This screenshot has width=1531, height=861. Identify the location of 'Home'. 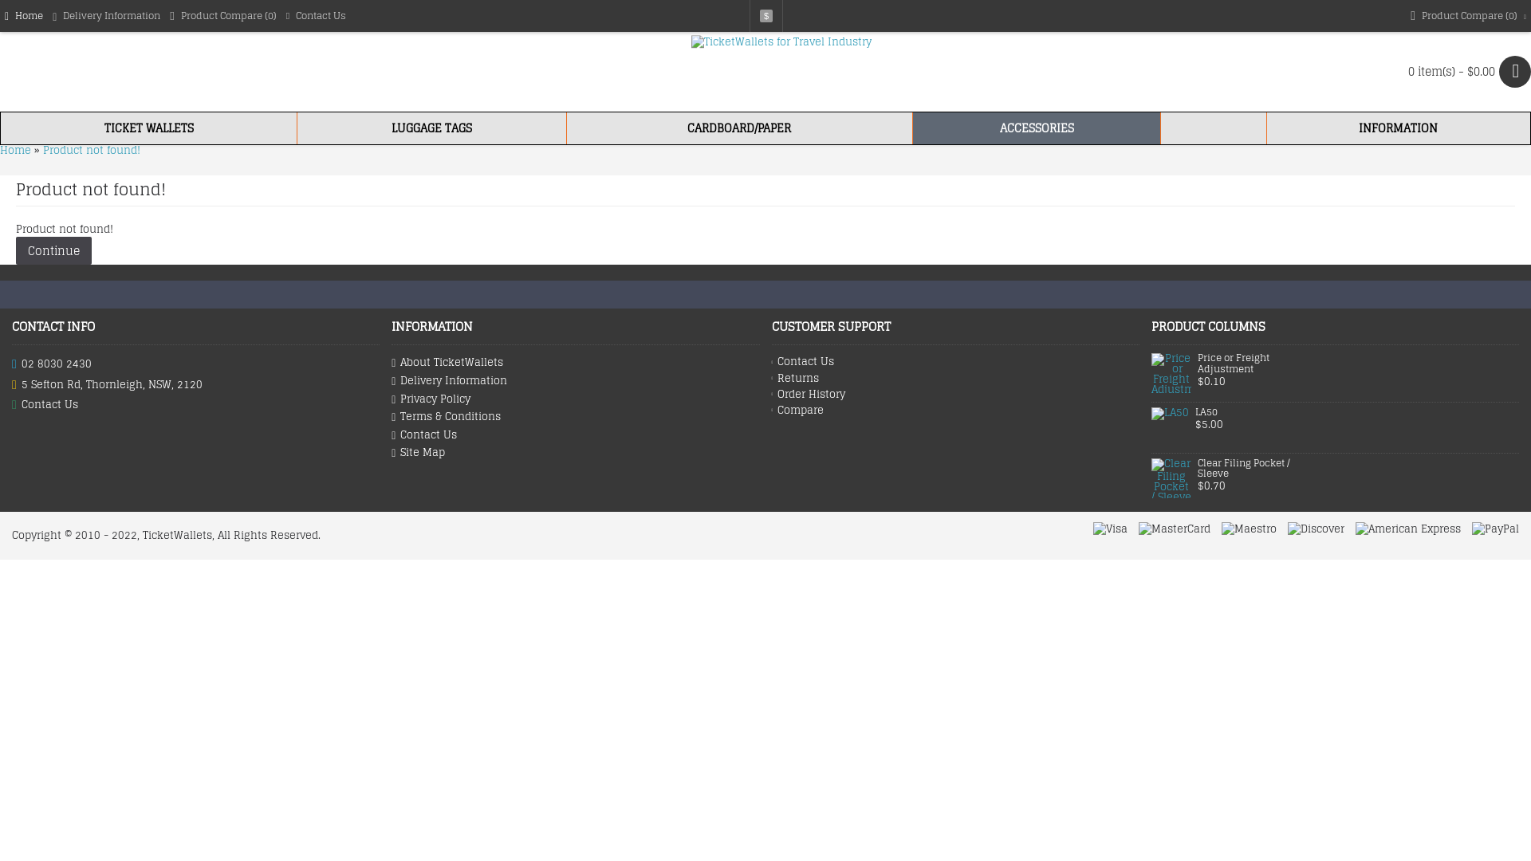
(23, 15).